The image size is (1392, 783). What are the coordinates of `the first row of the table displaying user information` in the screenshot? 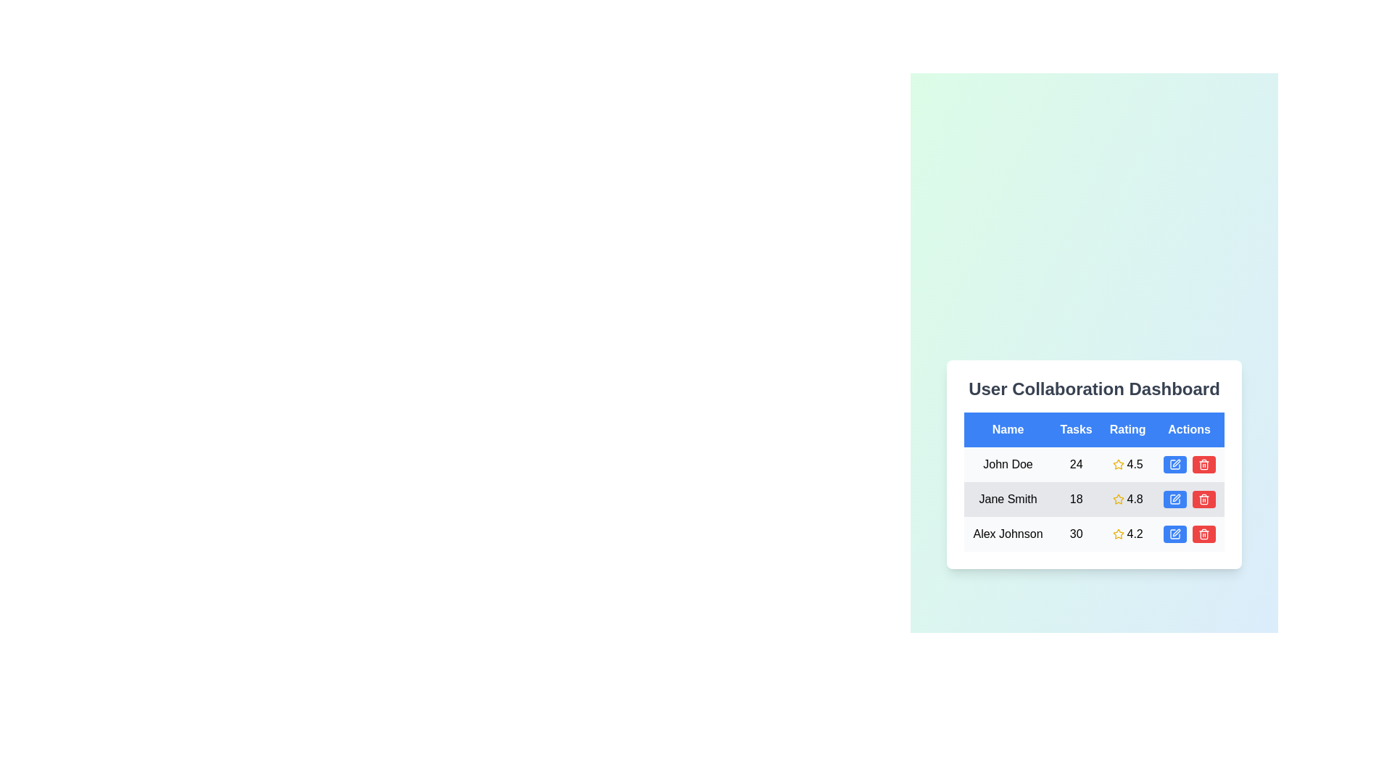 It's located at (1094, 464).